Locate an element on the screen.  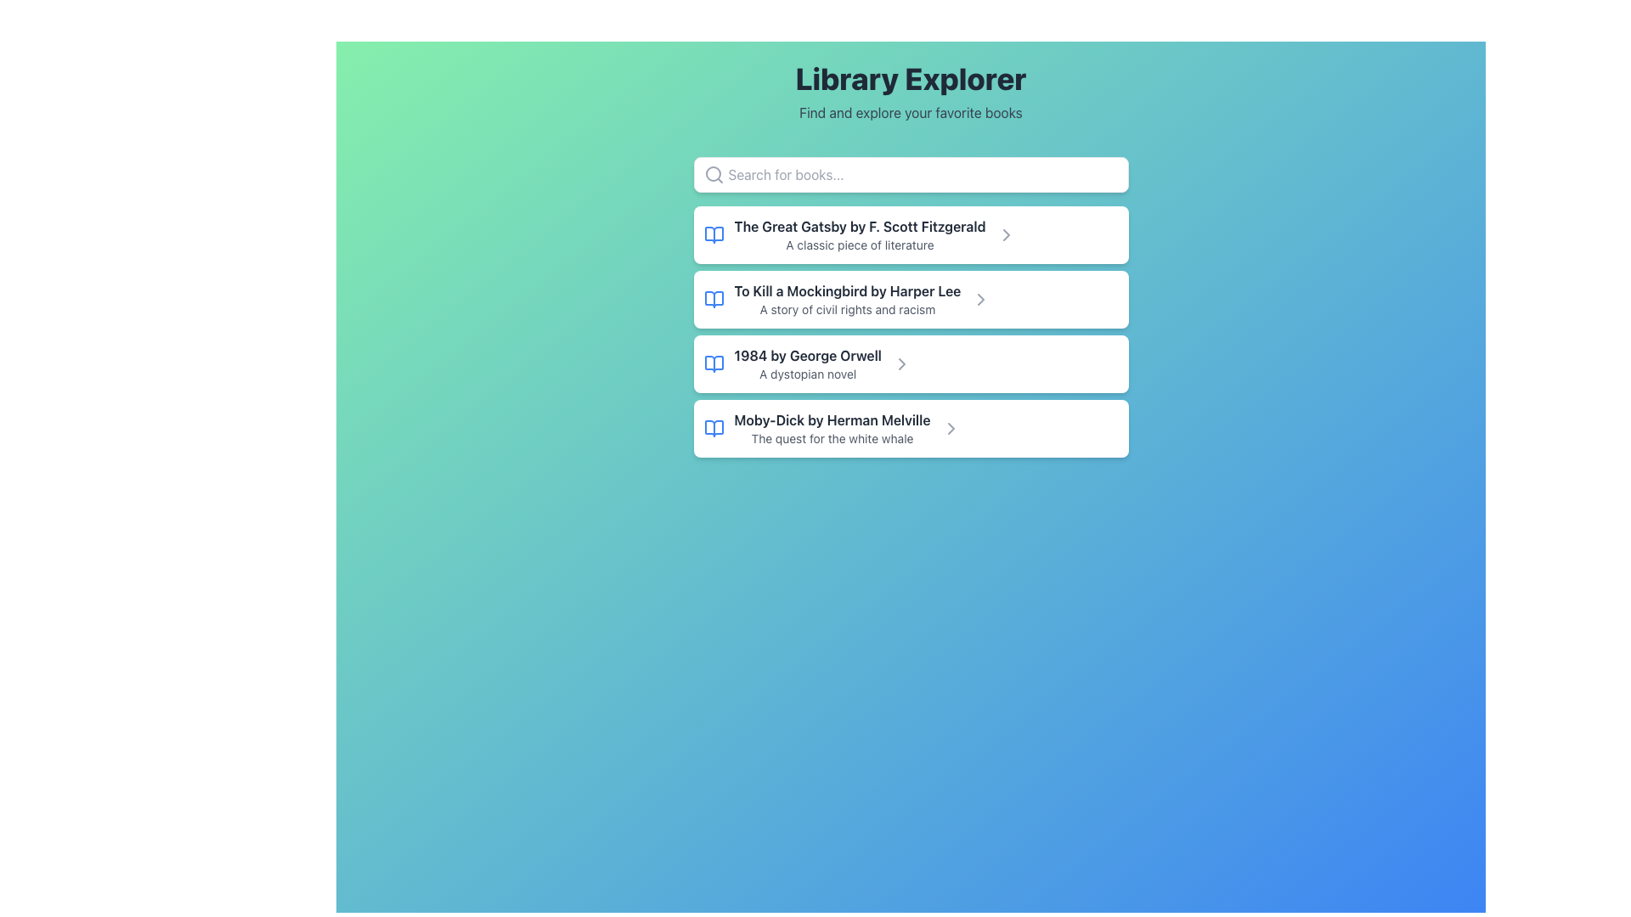
text component that states 'Find and explore your favorite books', which is styled in gray and located beneath the heading 'Library Explorer' on a gradient background is located at coordinates (910, 112).